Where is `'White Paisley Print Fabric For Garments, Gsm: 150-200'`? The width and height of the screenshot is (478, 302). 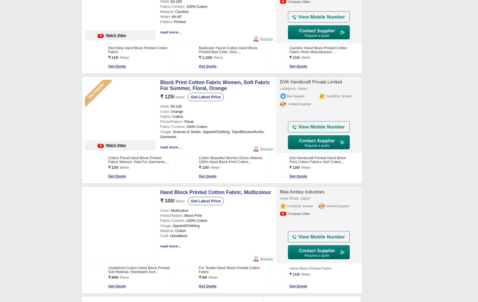 'White Paisley Print Fabric For Garments, Gsm: 150-200' is located at coordinates (108, 112).